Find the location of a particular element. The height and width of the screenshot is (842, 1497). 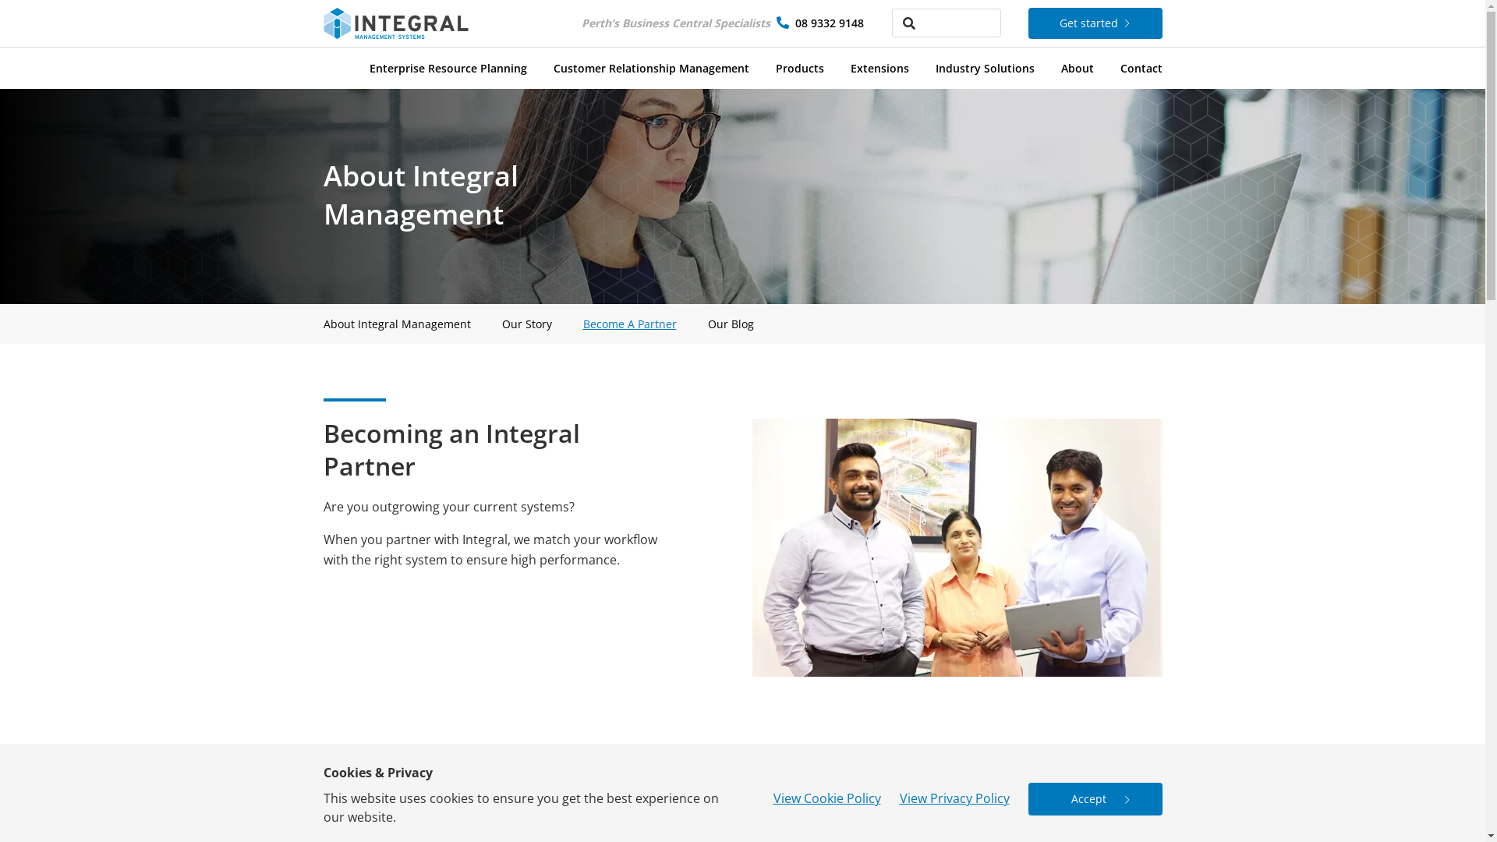

'08 9332 9148' is located at coordinates (829, 23).